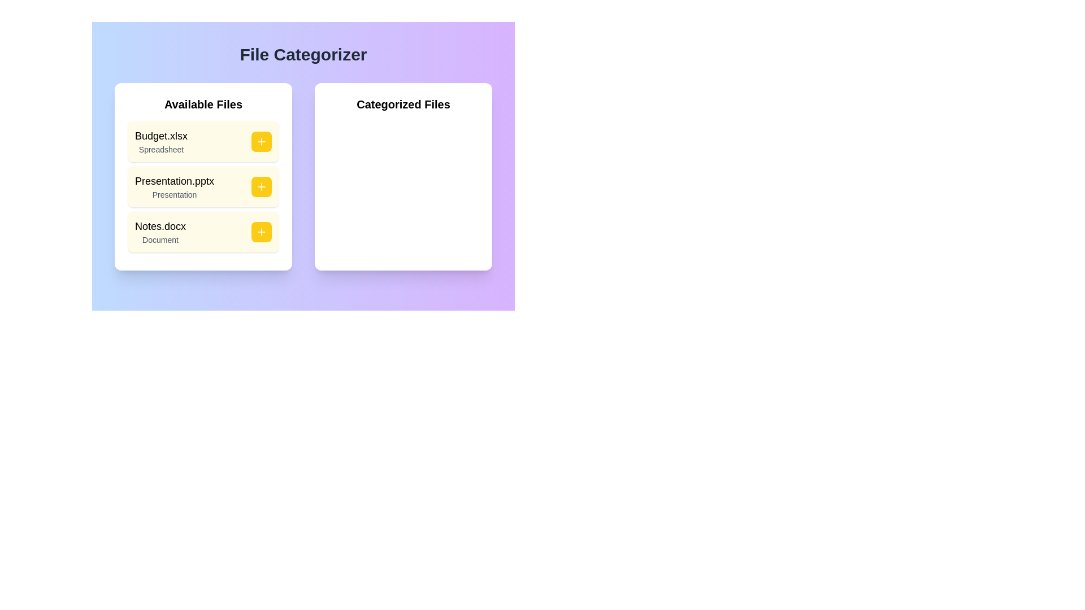 This screenshot has height=610, width=1085. What do you see at coordinates (174, 180) in the screenshot?
I see `the text label displaying the name of the specific file listed under 'Available Files', located in the second row between 'Budget.xlsx' and 'Notes.docx'` at bounding box center [174, 180].